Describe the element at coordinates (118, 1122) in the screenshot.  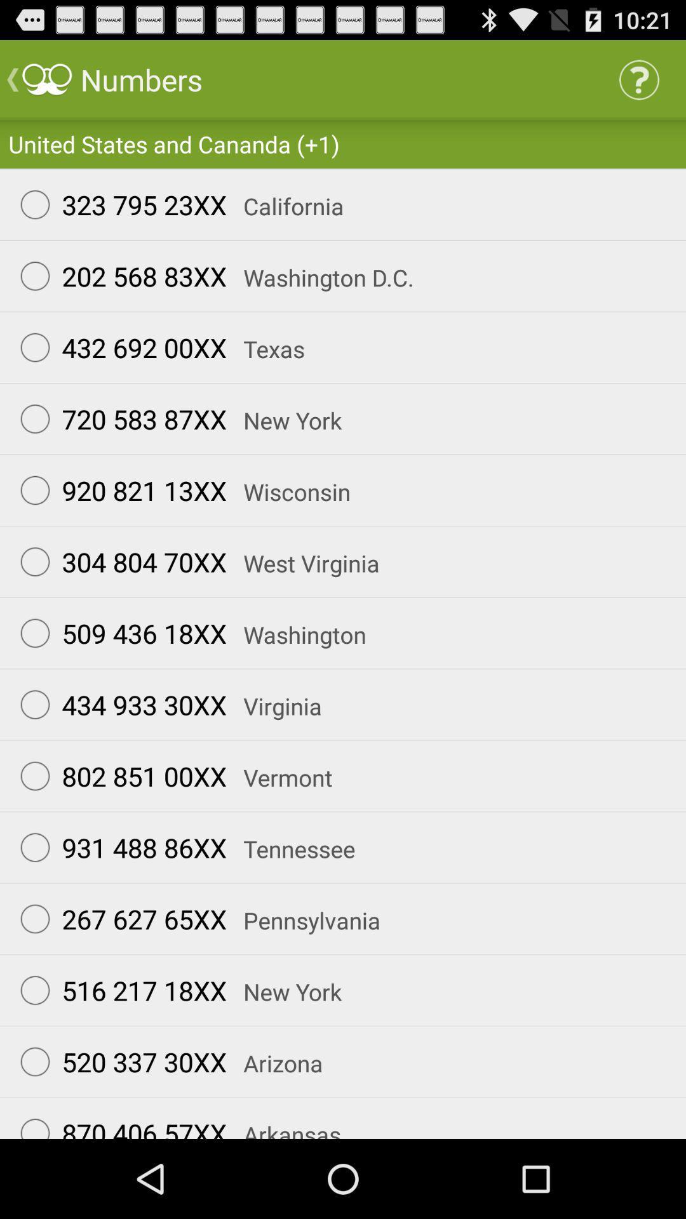
I see `the item to the left of arkansas icon` at that location.